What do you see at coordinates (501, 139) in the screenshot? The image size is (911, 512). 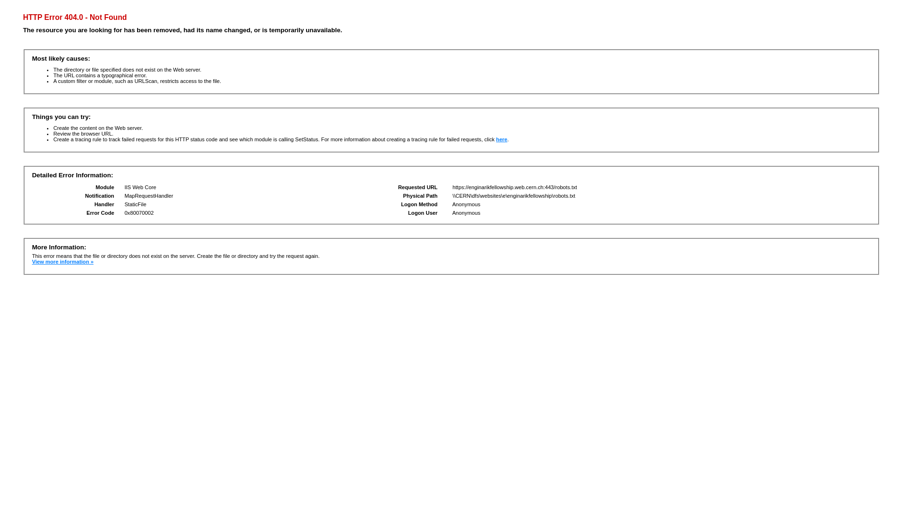 I see `'here'` at bounding box center [501, 139].